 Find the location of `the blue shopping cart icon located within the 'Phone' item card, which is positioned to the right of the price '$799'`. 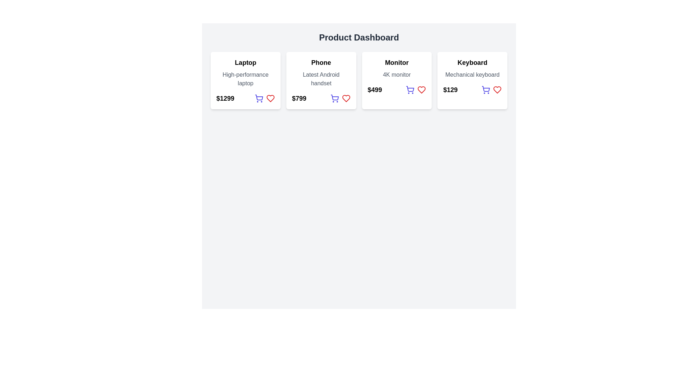

the blue shopping cart icon located within the 'Phone' item card, which is positioned to the right of the price '$799' is located at coordinates (340, 98).